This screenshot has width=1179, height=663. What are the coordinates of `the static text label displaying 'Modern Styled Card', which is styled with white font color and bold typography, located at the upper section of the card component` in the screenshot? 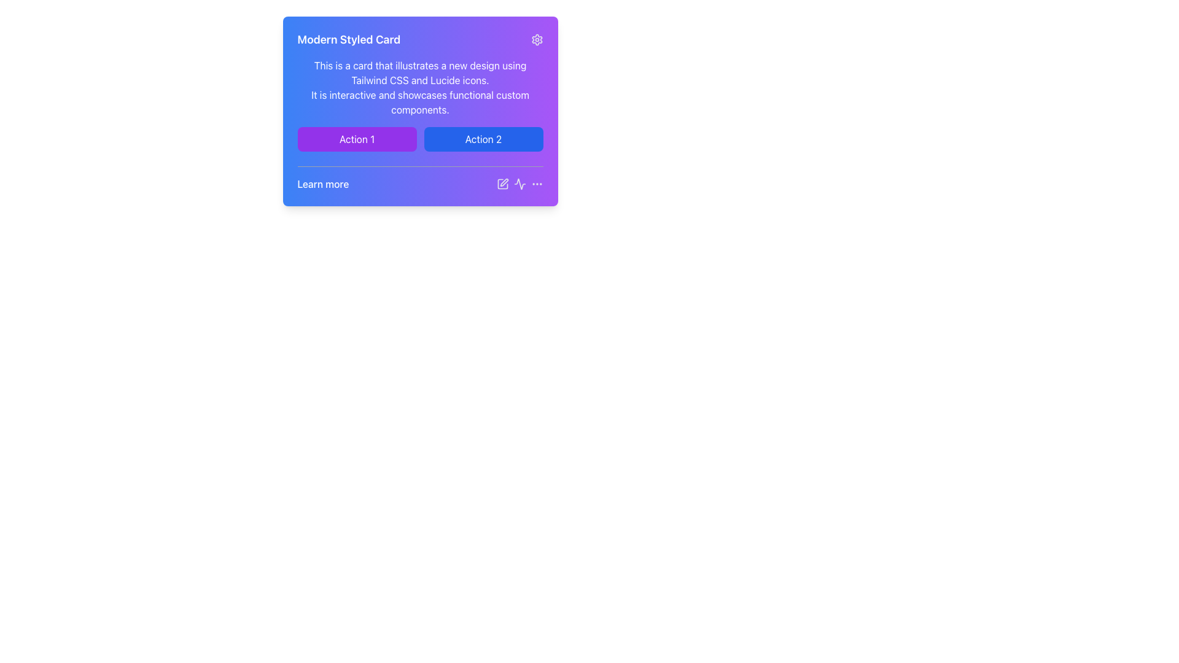 It's located at (348, 39).